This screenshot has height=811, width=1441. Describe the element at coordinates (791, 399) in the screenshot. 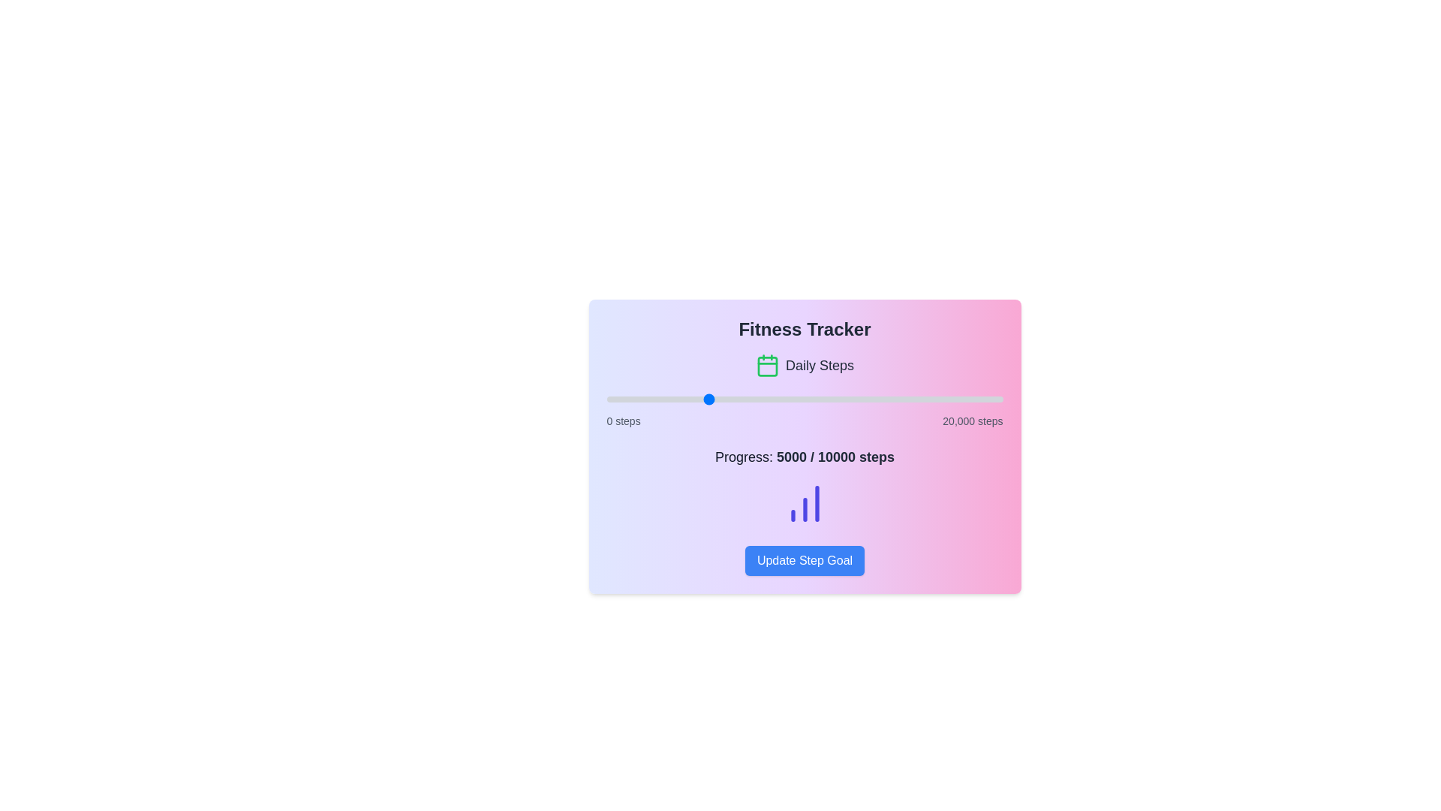

I see `the step progress slider to set the step count to 9358` at that location.